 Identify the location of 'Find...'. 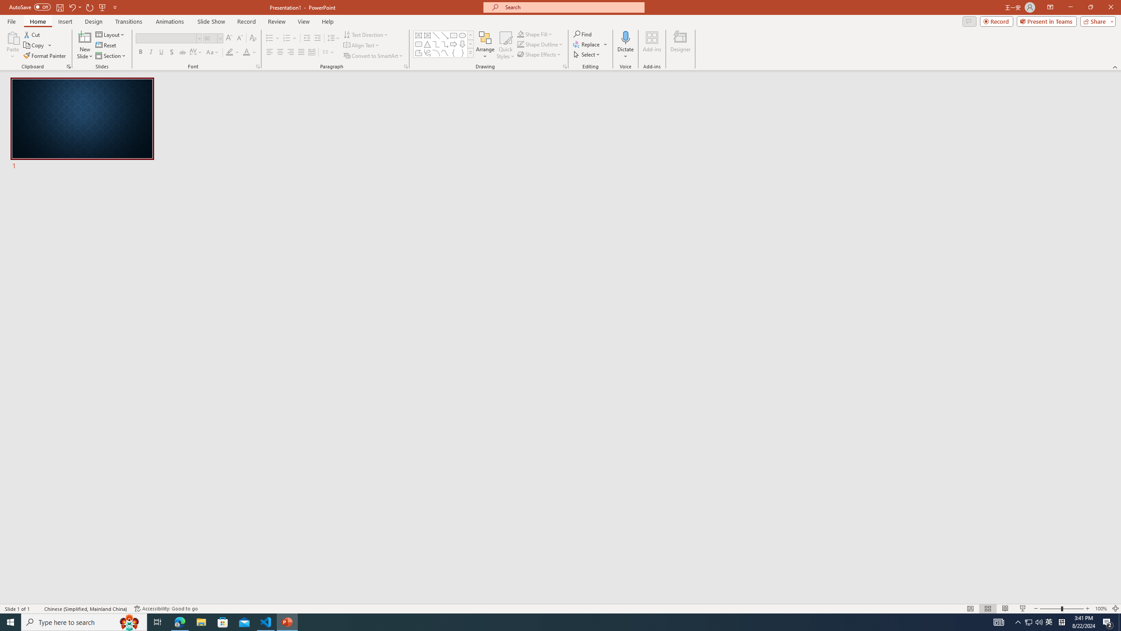
(582, 34).